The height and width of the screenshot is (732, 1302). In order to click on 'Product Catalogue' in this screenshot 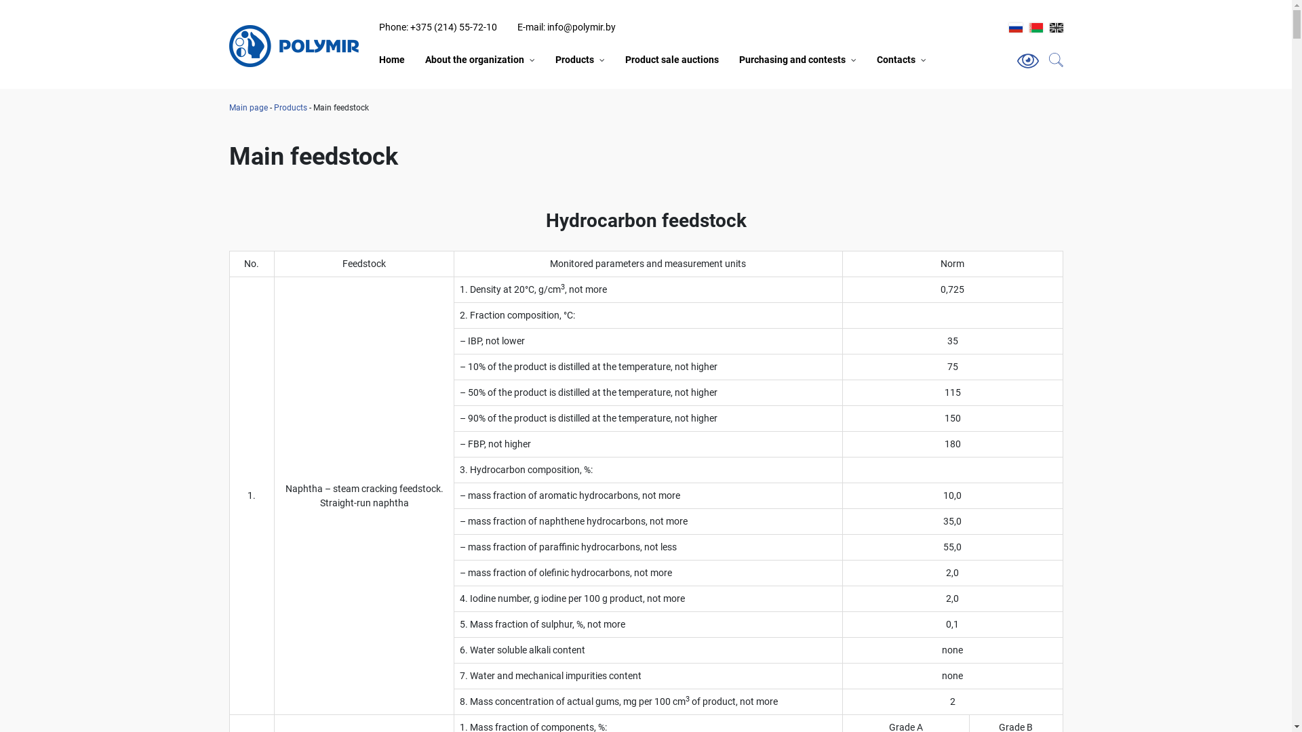, I will do `click(540, 79)`.